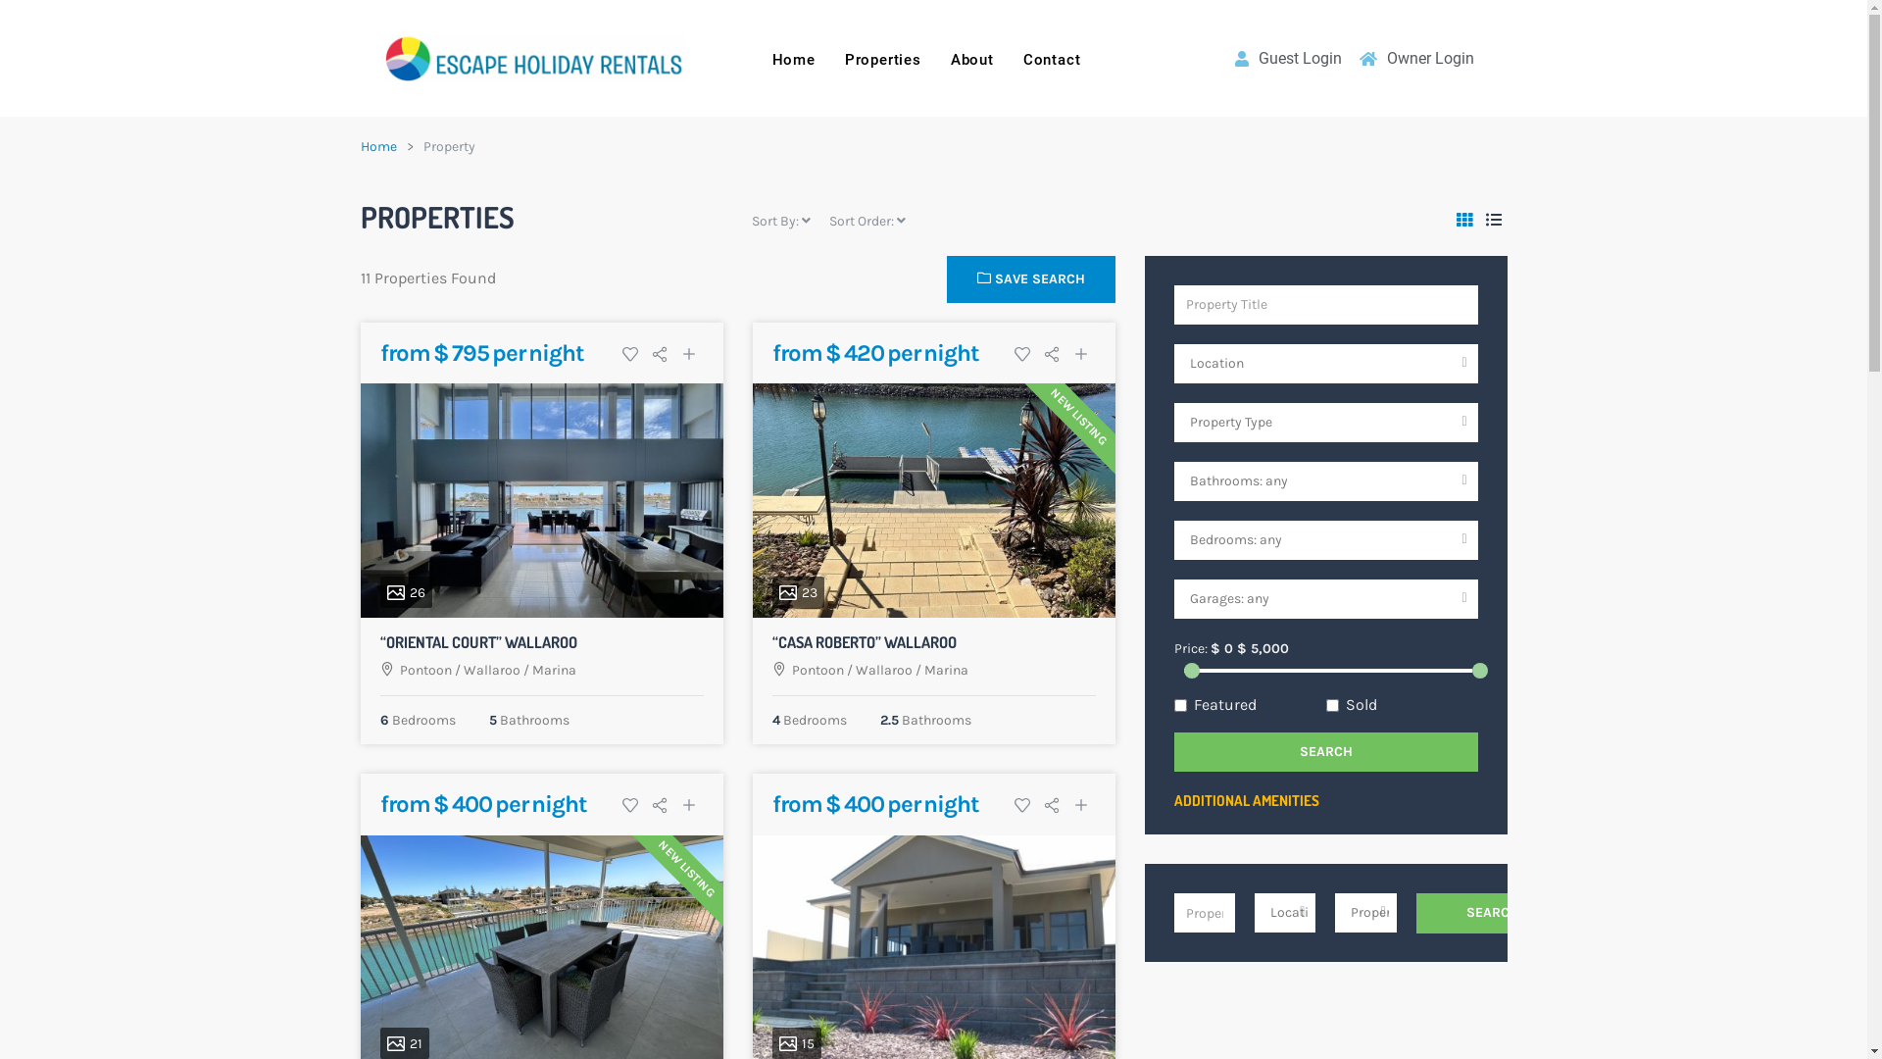 The width and height of the screenshot is (1882, 1059). I want to click on 'SEARCH', so click(1326, 751).